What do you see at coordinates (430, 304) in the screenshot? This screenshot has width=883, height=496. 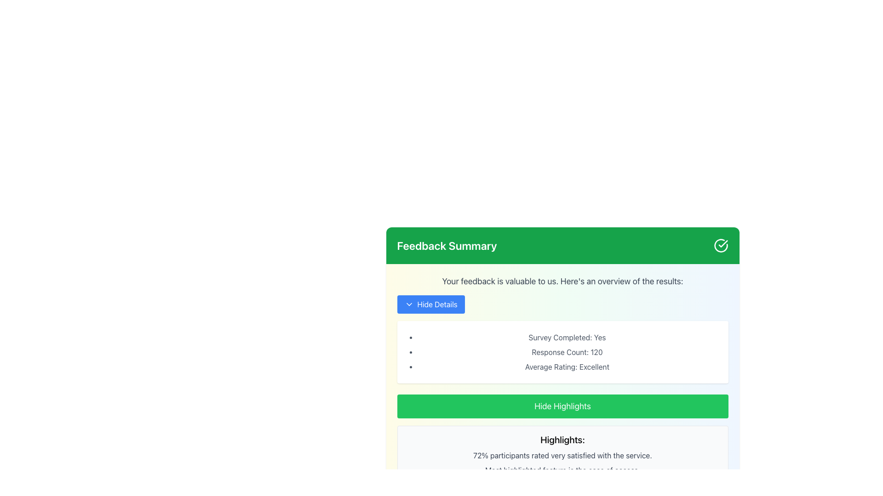 I see `the rectangular blue button with rounded corners labeled 'Hide Details'` at bounding box center [430, 304].